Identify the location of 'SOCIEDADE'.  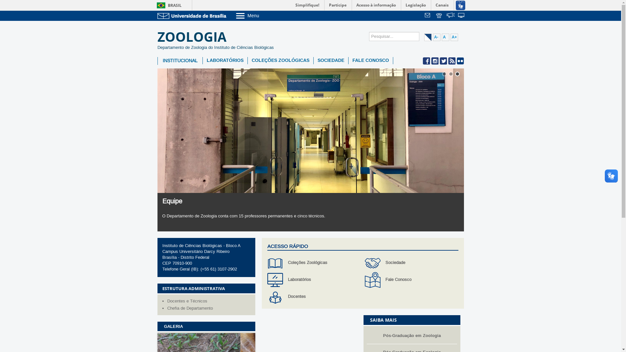
(313, 60).